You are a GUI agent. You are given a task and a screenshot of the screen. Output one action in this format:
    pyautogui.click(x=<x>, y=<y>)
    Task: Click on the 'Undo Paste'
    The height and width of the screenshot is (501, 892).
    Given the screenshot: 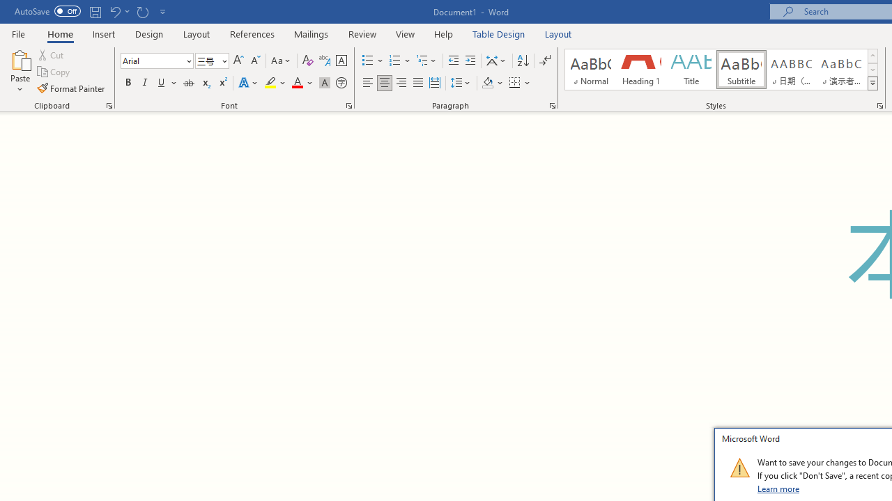 What is the action you would take?
    pyautogui.click(x=118, y=11)
    